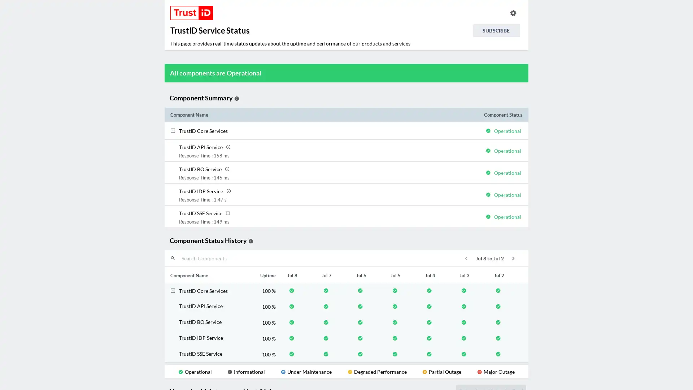 The height and width of the screenshot is (390, 693). What do you see at coordinates (302, 216) in the screenshot?
I see `TrustID SSE Service TrustID SSE Service Response Time : 149 ms` at bounding box center [302, 216].